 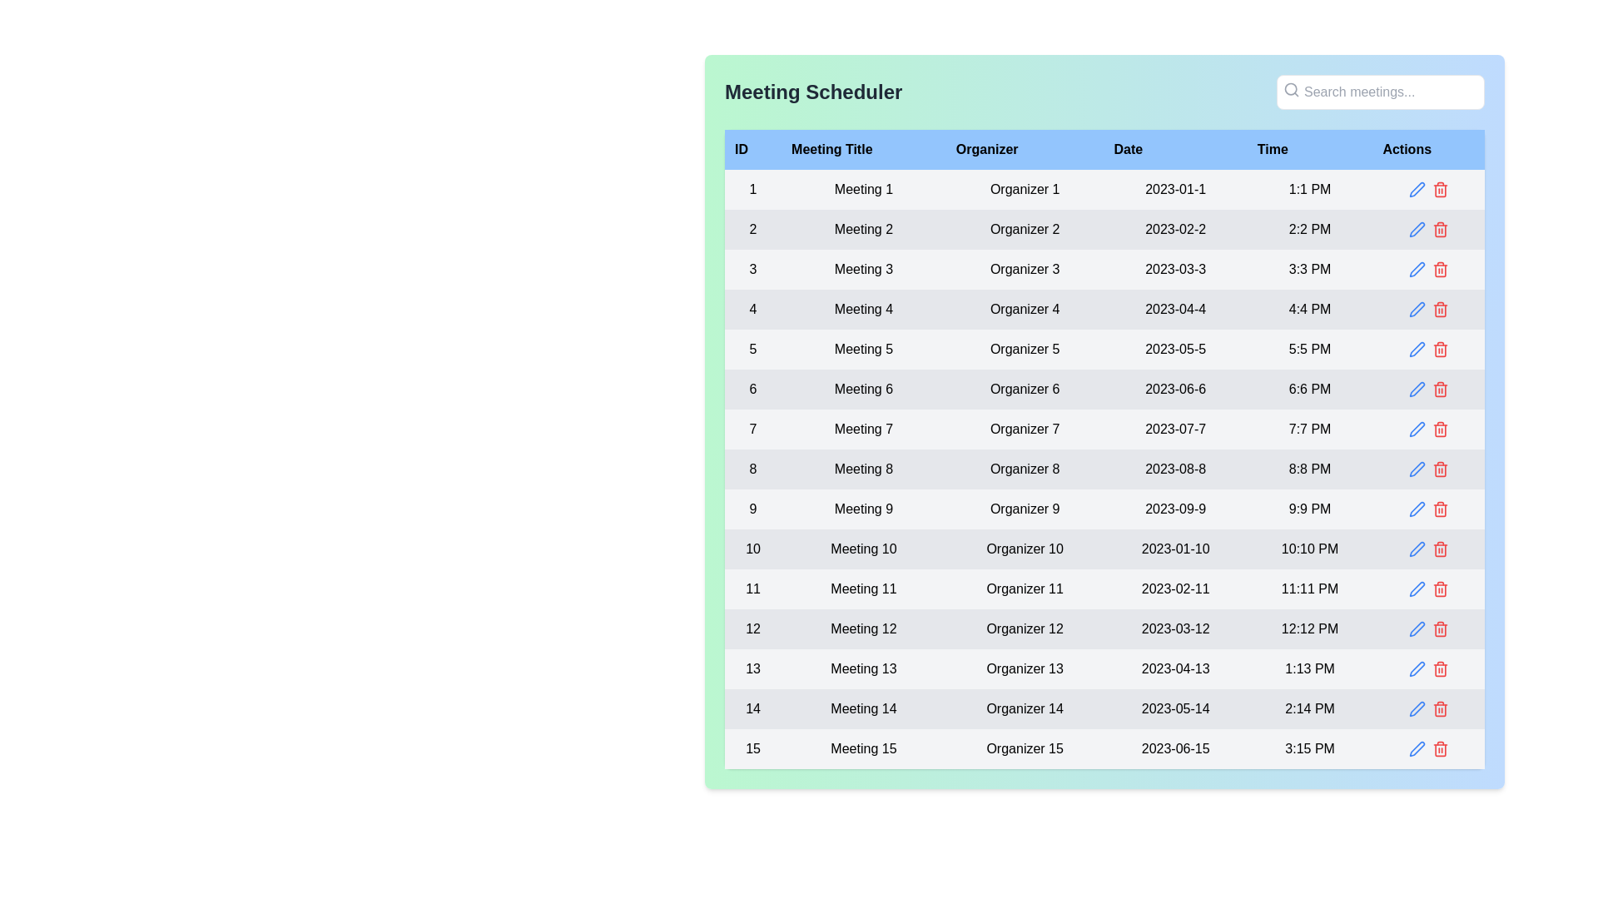 I want to click on the blue pen icon in the 'Actions' column of the 10th row for 'Meeting 10' to initiate an edit action, so click(x=1427, y=549).